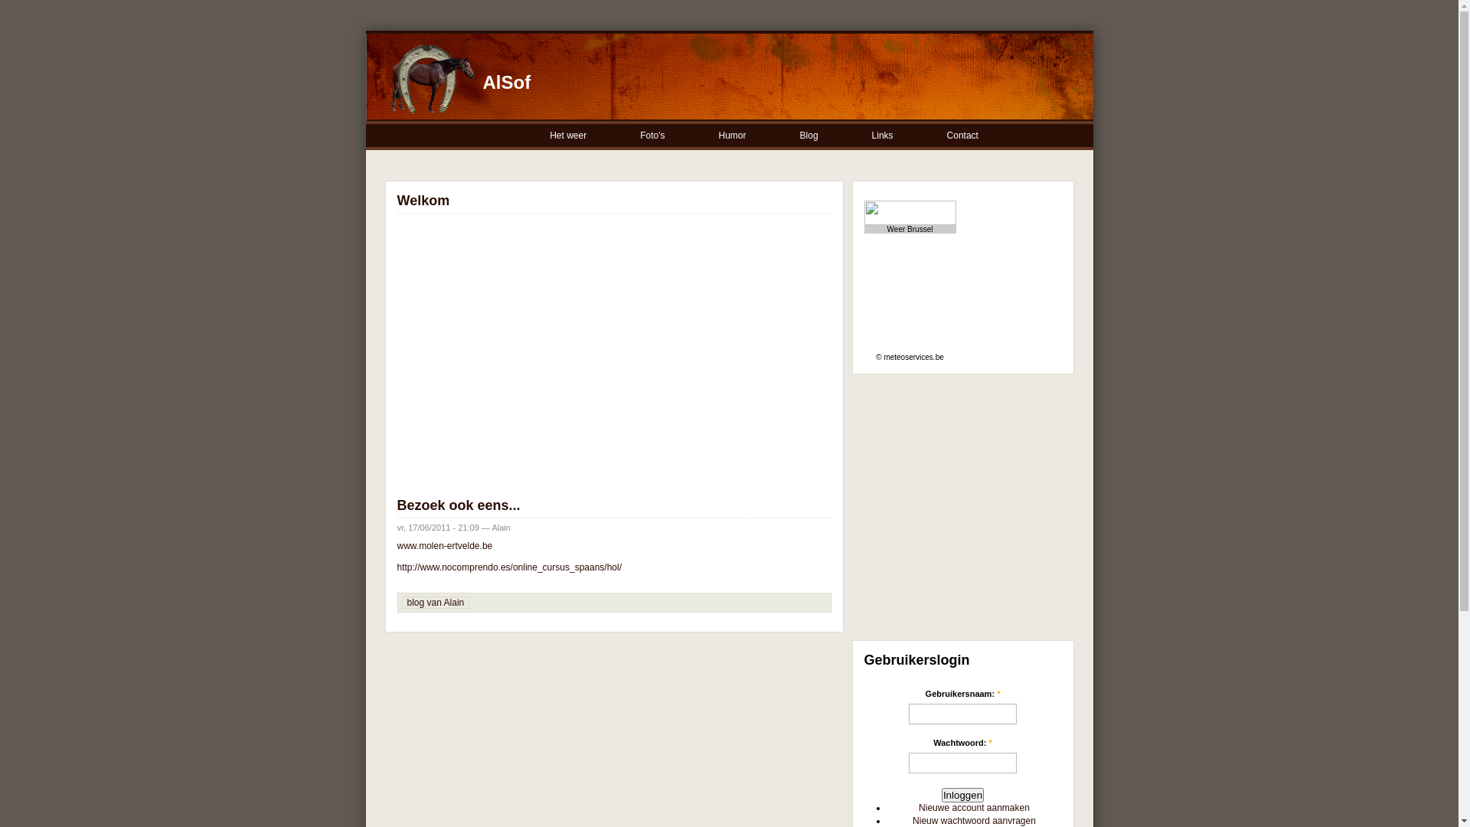 The height and width of the screenshot is (827, 1470). What do you see at coordinates (962, 794) in the screenshot?
I see `'Inloggen'` at bounding box center [962, 794].